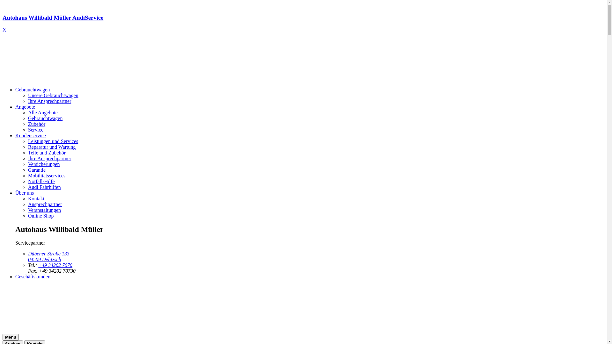  I want to click on 'Veranstaltungen', so click(44, 210).